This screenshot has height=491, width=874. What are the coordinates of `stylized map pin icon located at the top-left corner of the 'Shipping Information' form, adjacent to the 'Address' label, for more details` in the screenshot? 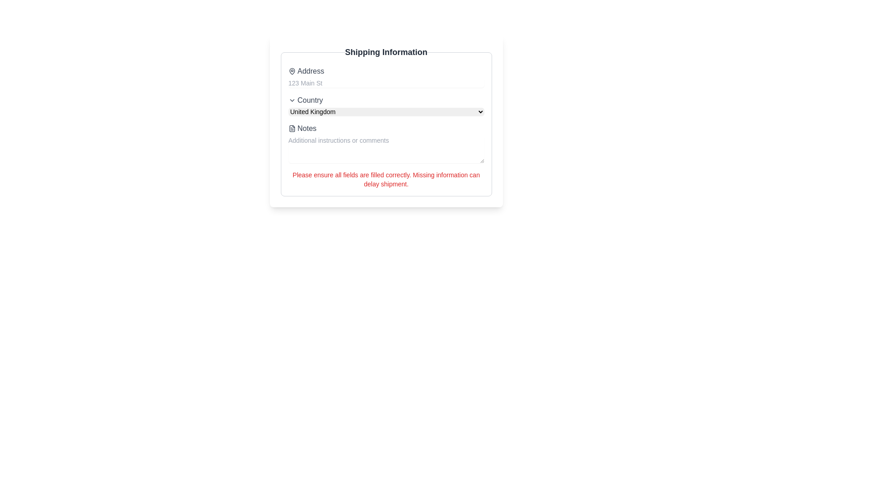 It's located at (292, 71).